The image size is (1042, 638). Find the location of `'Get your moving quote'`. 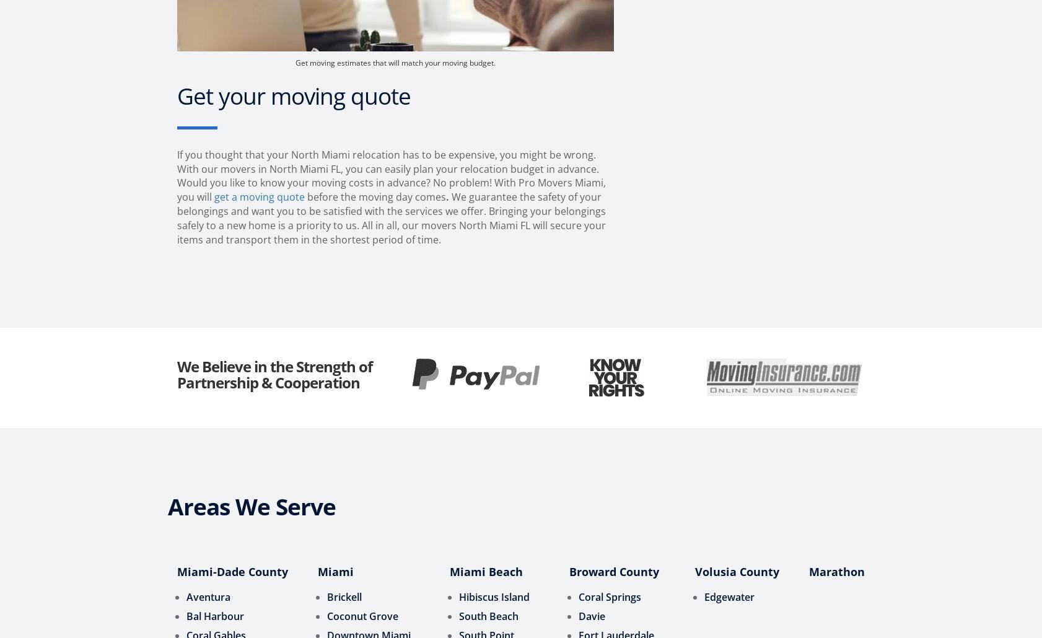

'Get your moving quote' is located at coordinates (294, 94).